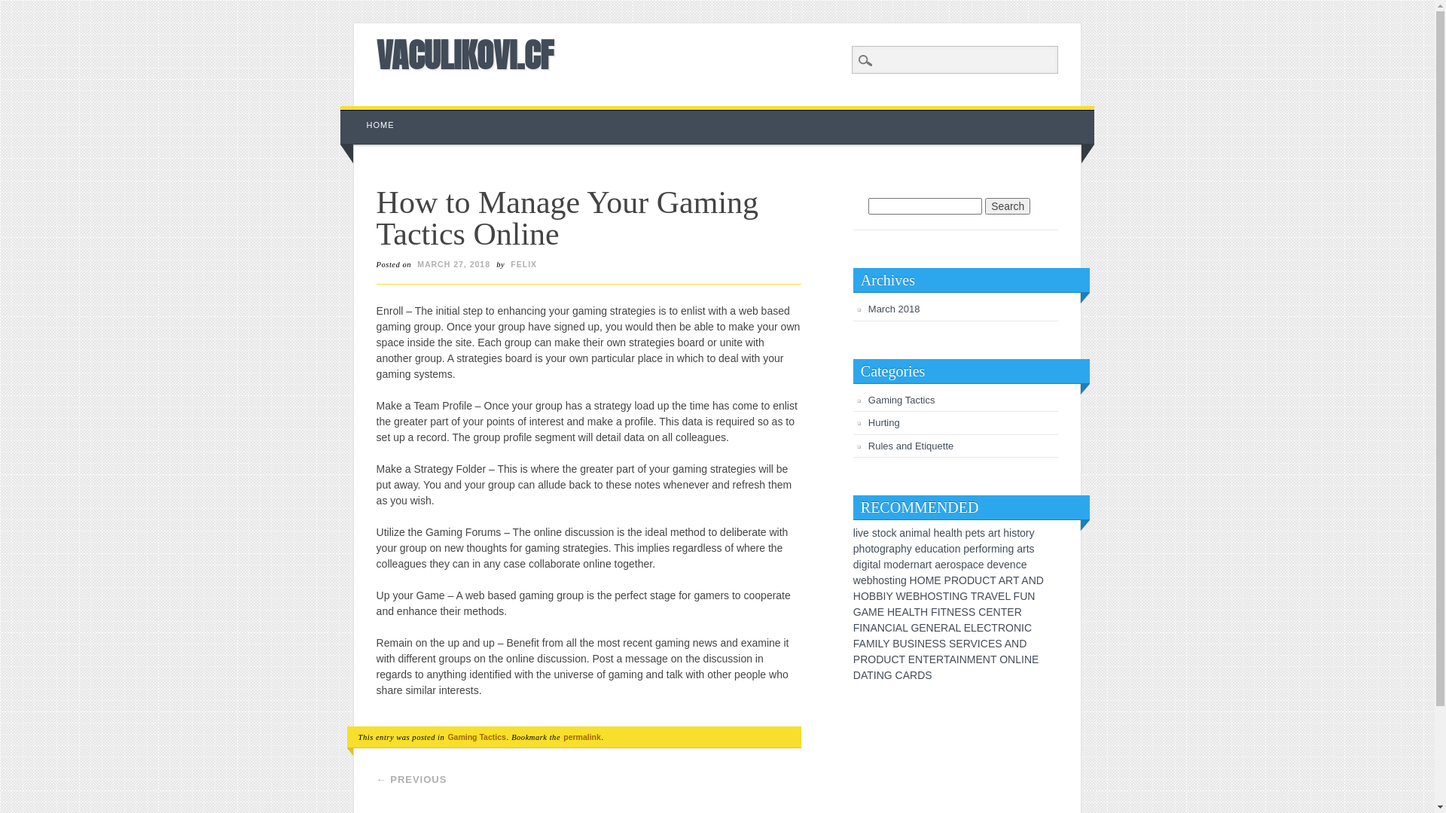 Image resolution: width=1446 pixels, height=813 pixels. What do you see at coordinates (1008, 644) in the screenshot?
I see `'A'` at bounding box center [1008, 644].